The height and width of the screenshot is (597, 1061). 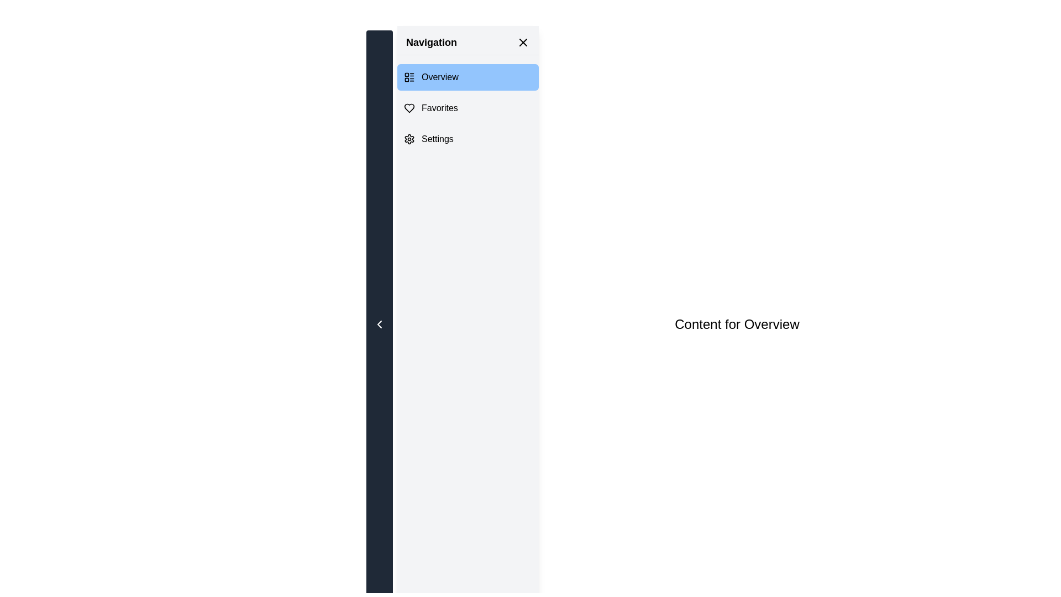 What do you see at coordinates (408, 138) in the screenshot?
I see `the gear icon in the sidebar` at bounding box center [408, 138].